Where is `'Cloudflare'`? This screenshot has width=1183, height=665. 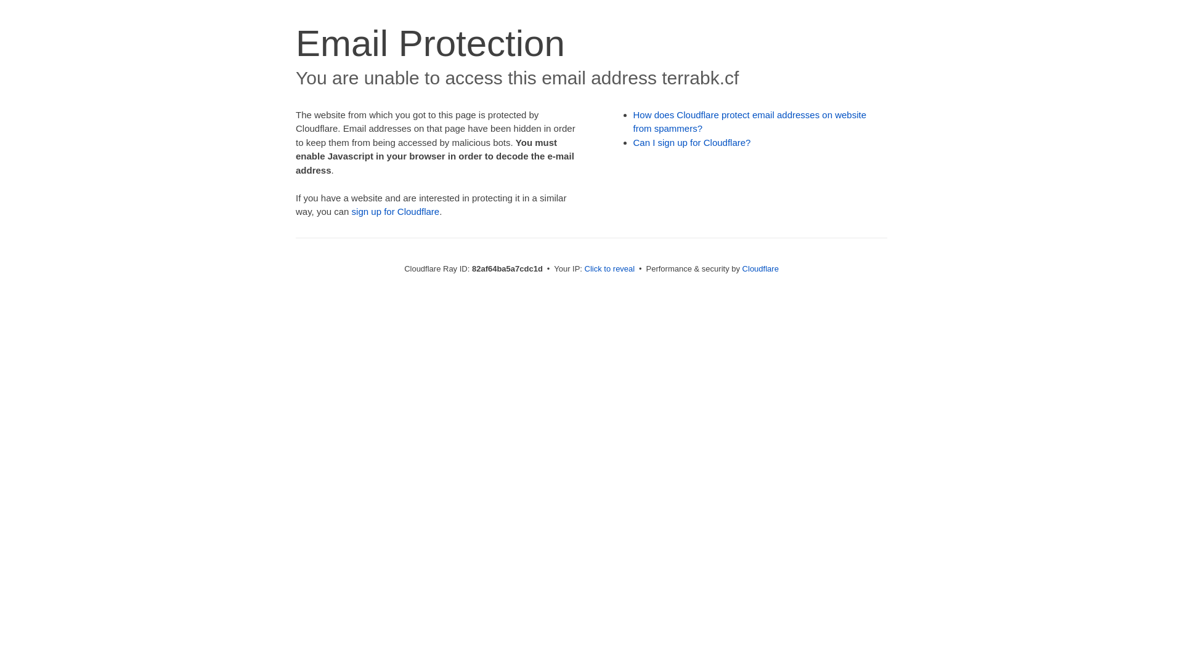 'Cloudflare' is located at coordinates (760, 268).